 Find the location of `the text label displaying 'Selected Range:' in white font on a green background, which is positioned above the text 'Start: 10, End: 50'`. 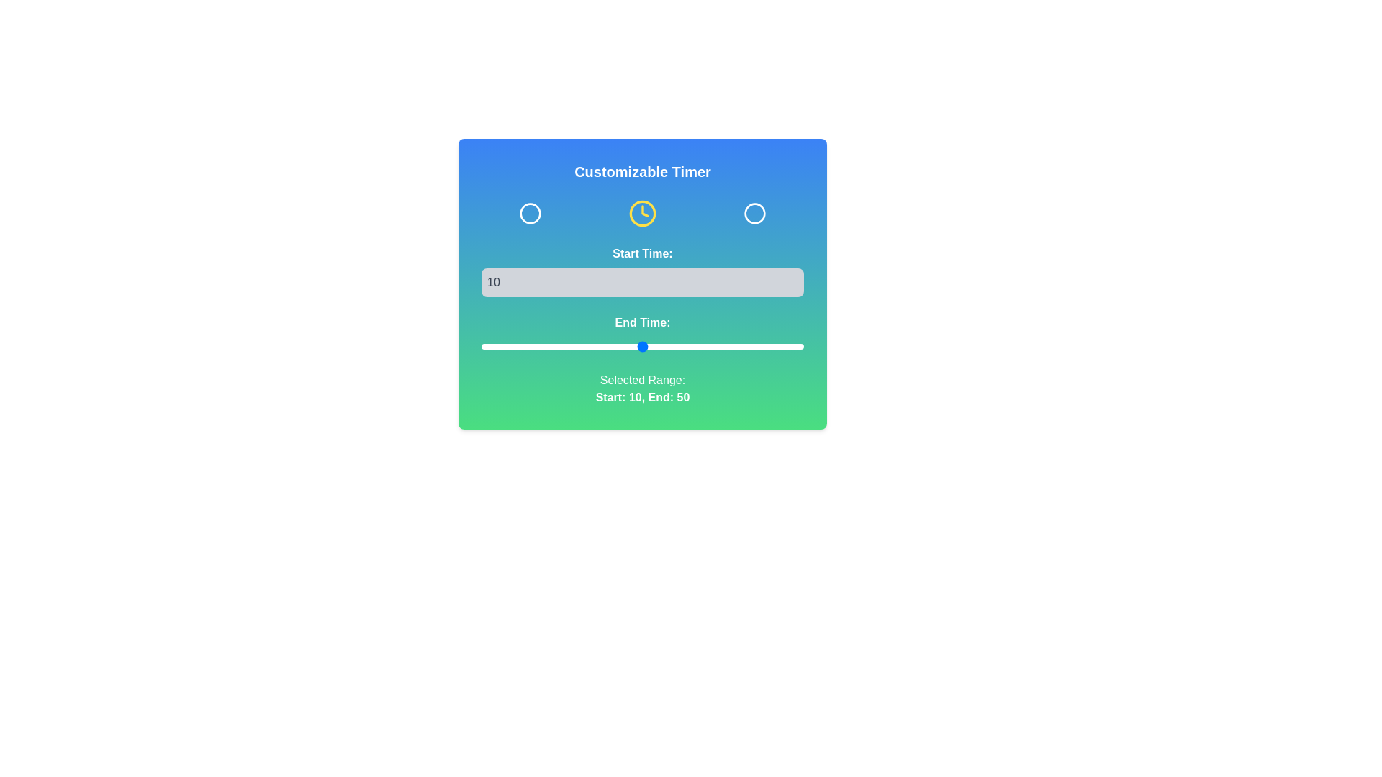

the text label displaying 'Selected Range:' in white font on a green background, which is positioned above the text 'Start: 10, End: 50' is located at coordinates (641, 379).